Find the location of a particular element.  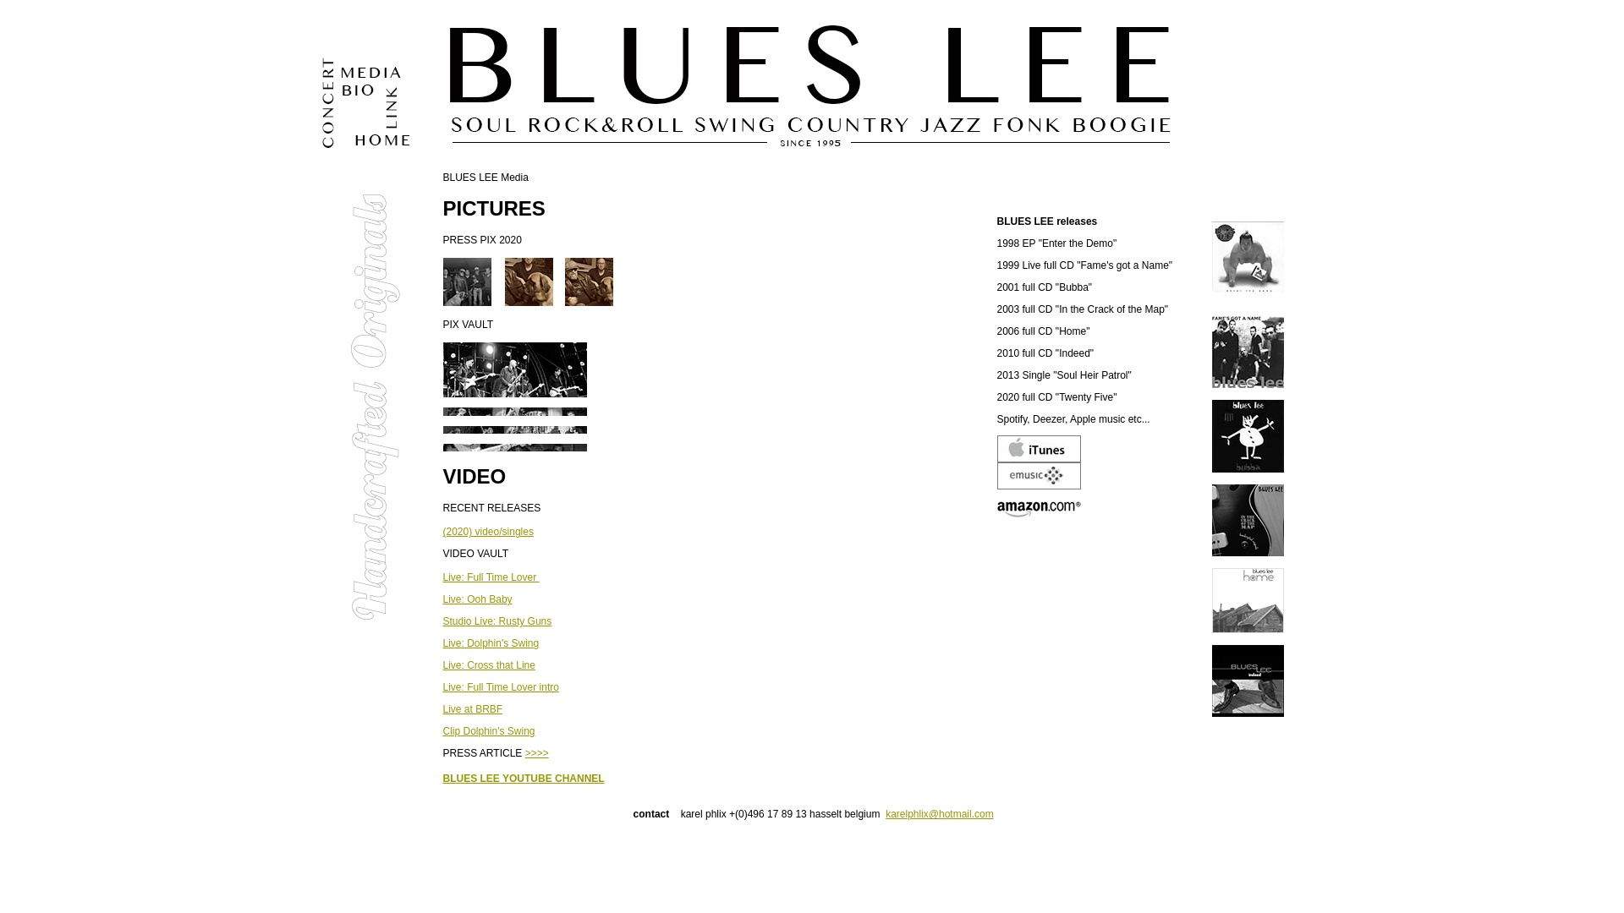

'Live: Full Time Lover intro' is located at coordinates (500, 687).